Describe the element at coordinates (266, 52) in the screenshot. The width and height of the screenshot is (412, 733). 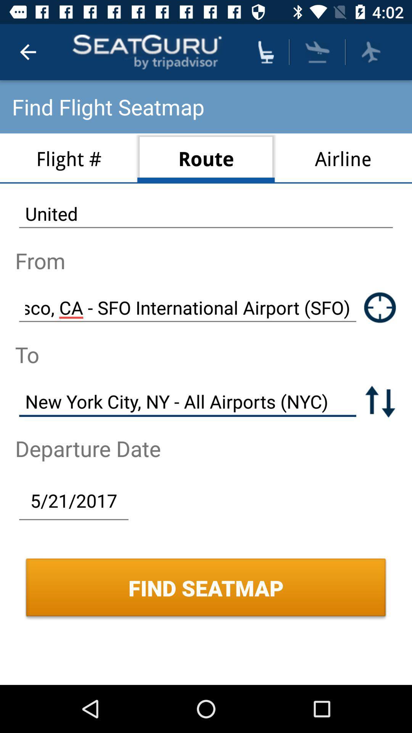
I see `find seat location` at that location.